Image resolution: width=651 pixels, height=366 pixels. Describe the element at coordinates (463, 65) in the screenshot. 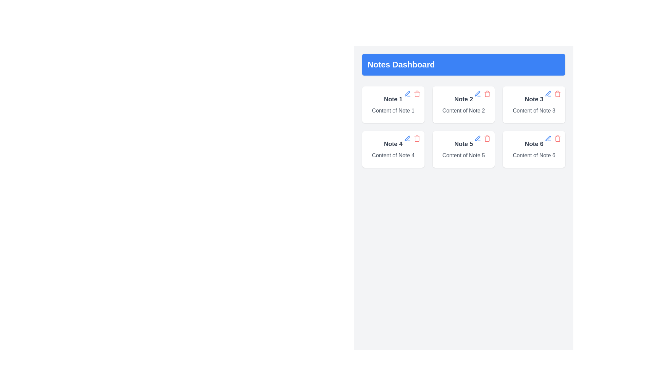

I see `the text content of the Notes Dashboard header or title bar, which is the topmost element in the UI layout` at that location.